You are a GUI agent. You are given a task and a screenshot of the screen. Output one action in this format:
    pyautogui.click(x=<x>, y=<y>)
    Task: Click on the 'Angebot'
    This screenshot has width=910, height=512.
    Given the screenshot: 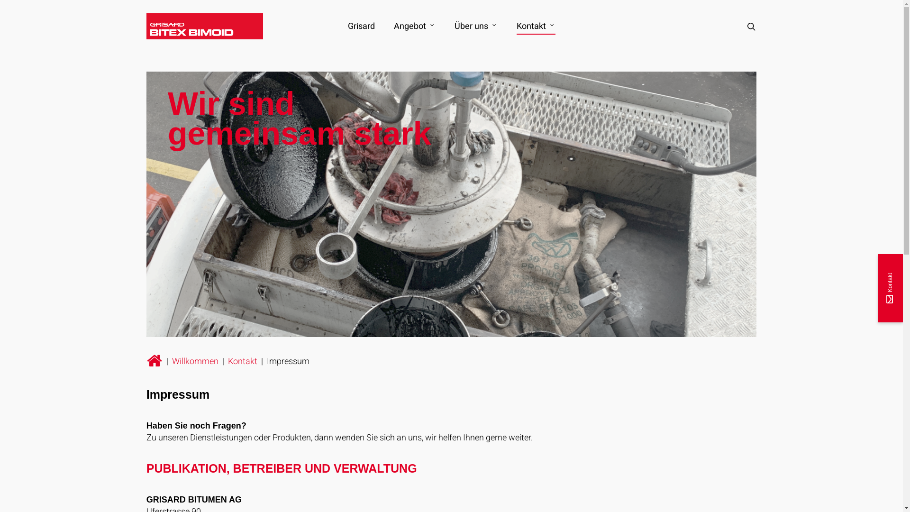 What is the action you would take?
    pyautogui.click(x=414, y=25)
    